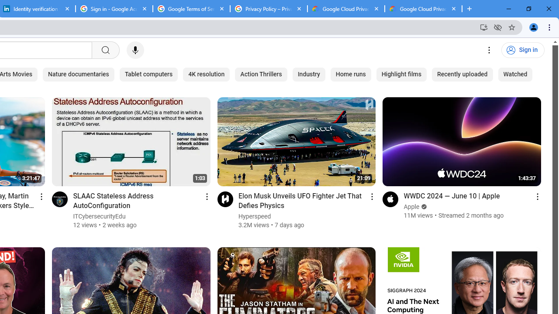 Image resolution: width=559 pixels, height=314 pixels. Describe the element at coordinates (114, 9) in the screenshot. I see `'Sign in - Google Accounts'` at that location.